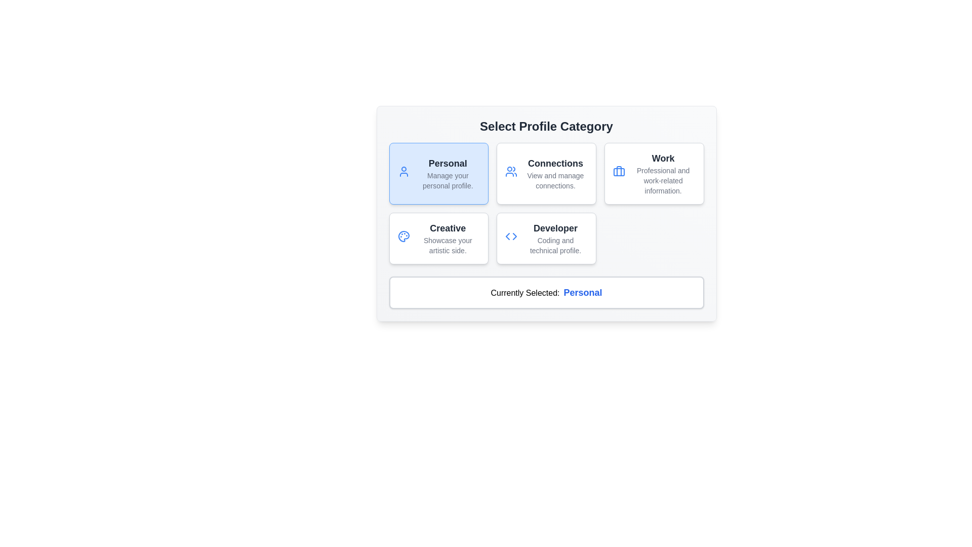  I want to click on static text that says 'Coding and technical profile.' located beneath the 'Developer' heading in the lower right profile block, so click(555, 246).